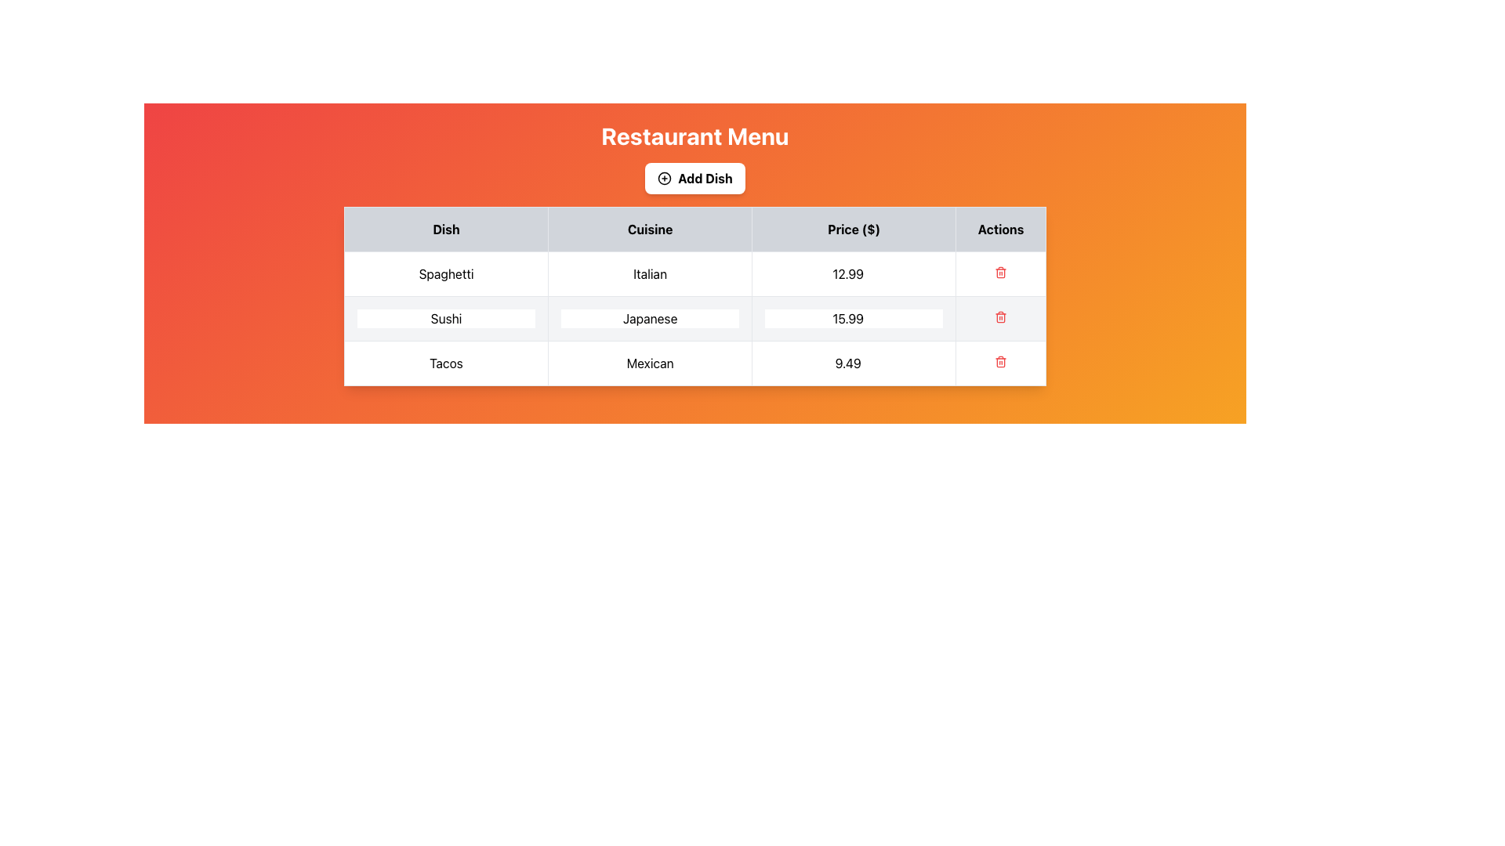 This screenshot has width=1505, height=846. Describe the element at coordinates (853, 273) in the screenshot. I see `the numerical input field displaying the value '12.99' in the restaurant menu` at that location.